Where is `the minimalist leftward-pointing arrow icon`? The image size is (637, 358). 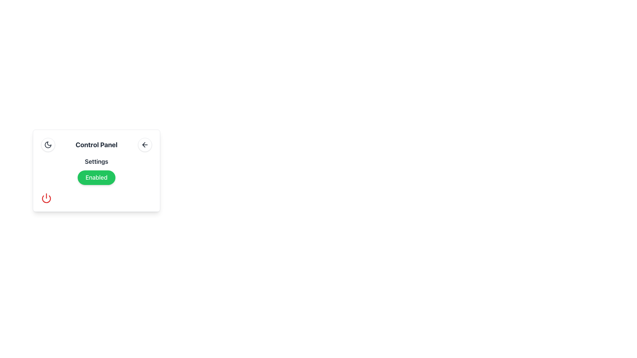
the minimalist leftward-pointing arrow icon is located at coordinates (143, 144).